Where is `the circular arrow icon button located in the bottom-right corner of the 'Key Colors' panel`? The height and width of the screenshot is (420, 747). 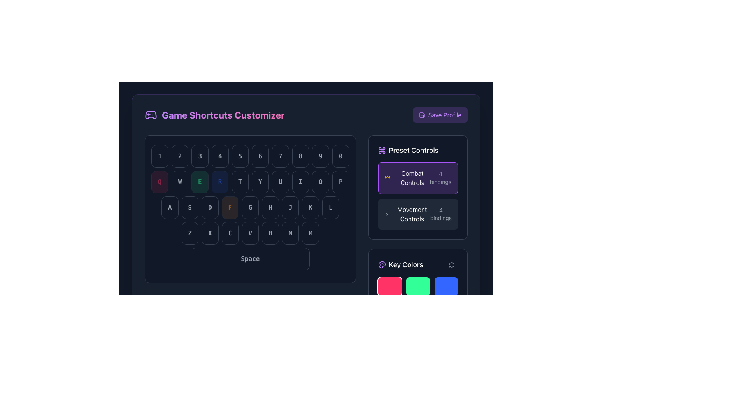 the circular arrow icon button located in the bottom-right corner of the 'Key Colors' panel is located at coordinates (452, 264).